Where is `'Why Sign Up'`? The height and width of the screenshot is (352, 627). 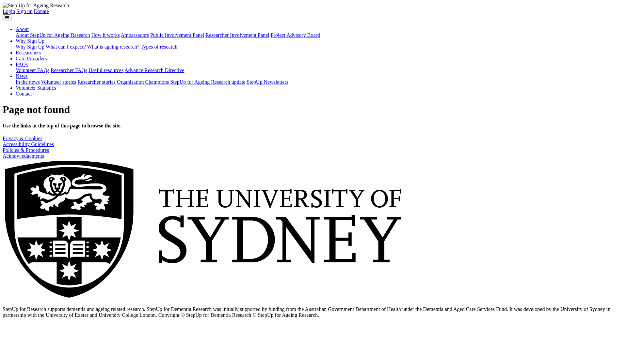
'Why Sign Up' is located at coordinates (29, 46).